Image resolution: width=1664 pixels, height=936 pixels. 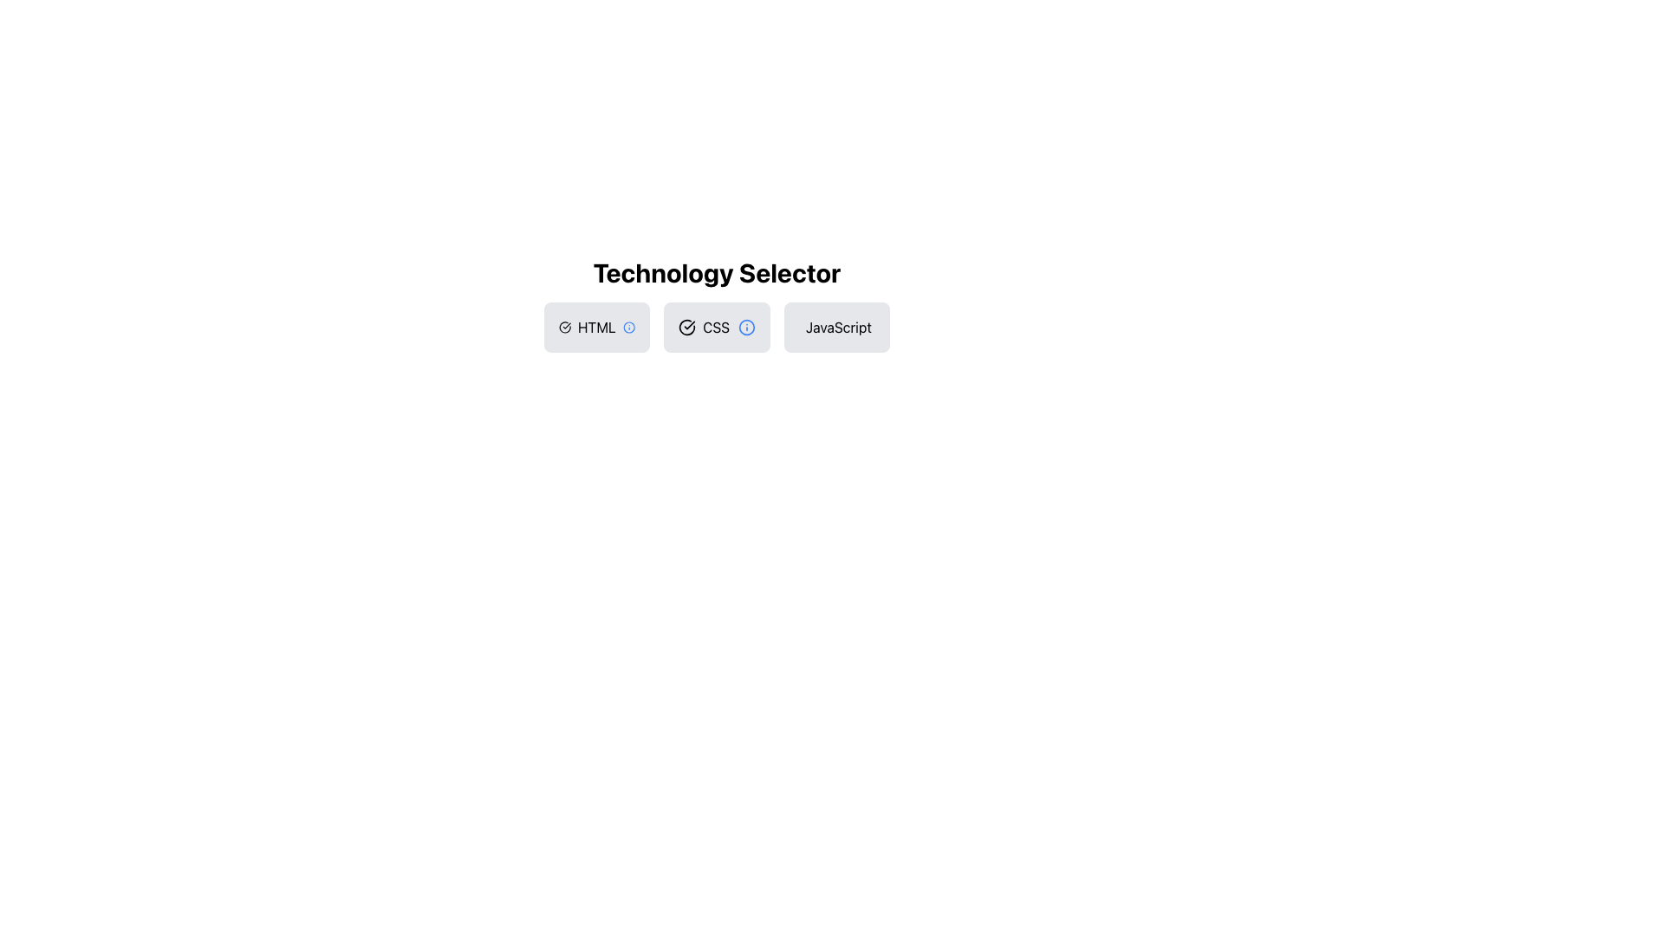 What do you see at coordinates (717, 303) in the screenshot?
I see `the second button in the 'Technology Selector' interface` at bounding box center [717, 303].